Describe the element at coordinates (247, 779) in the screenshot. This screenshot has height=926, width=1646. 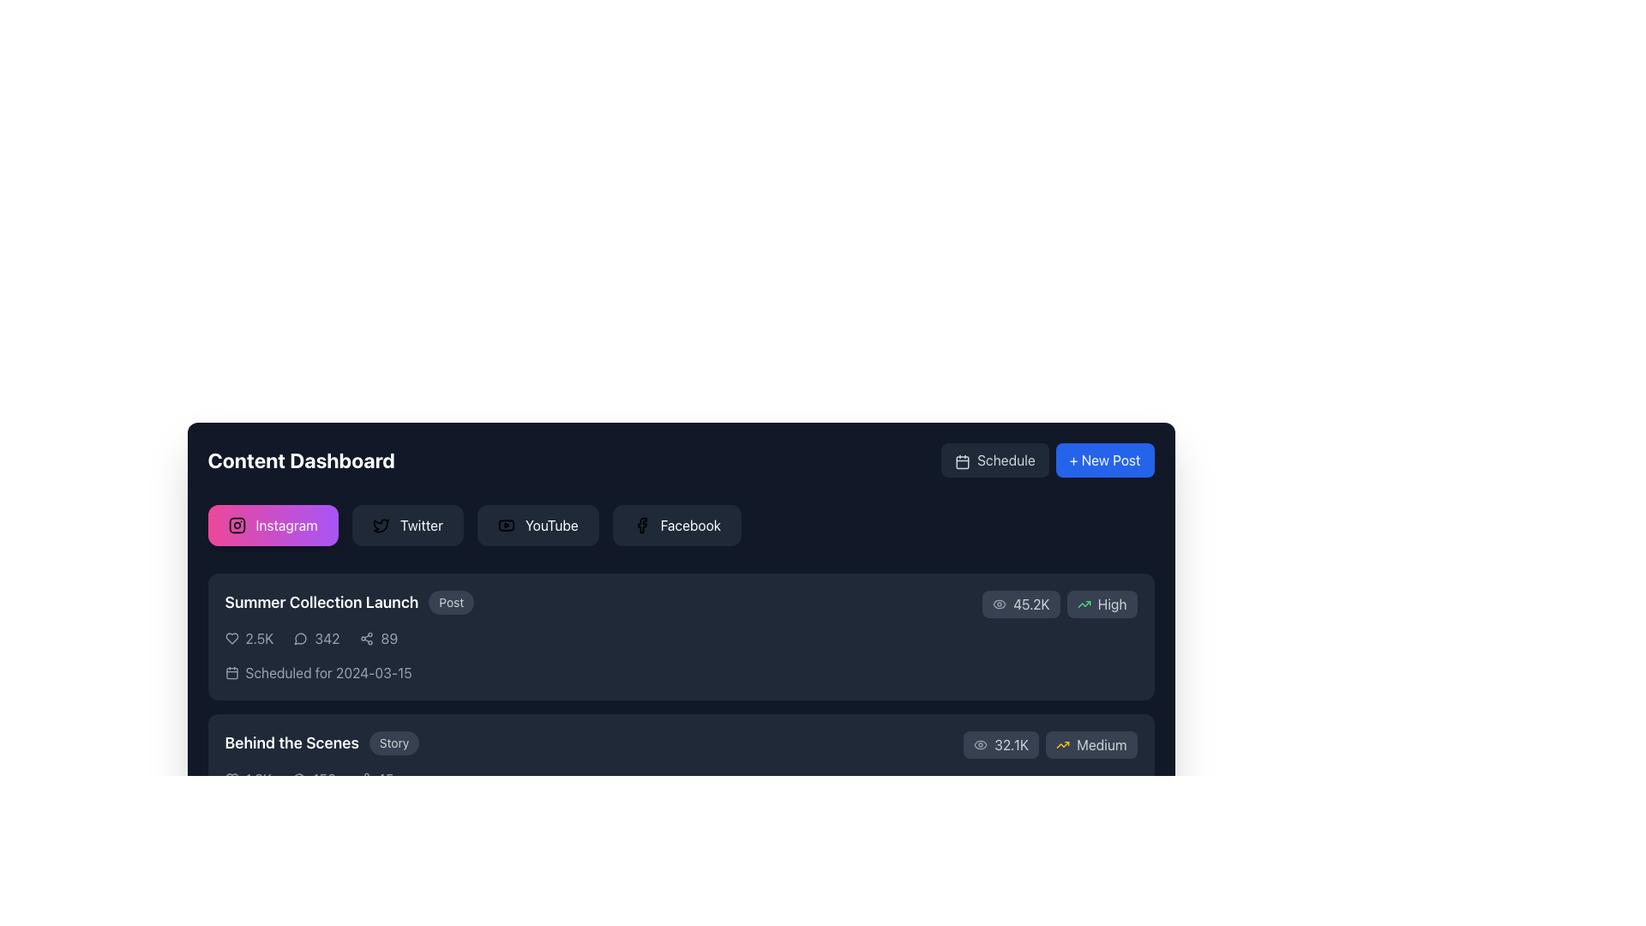
I see `text of the Statistical badge indicating the number of likes for the content labeled 'Behind the Scenes', located in the 'Content Dashboard' section` at that location.